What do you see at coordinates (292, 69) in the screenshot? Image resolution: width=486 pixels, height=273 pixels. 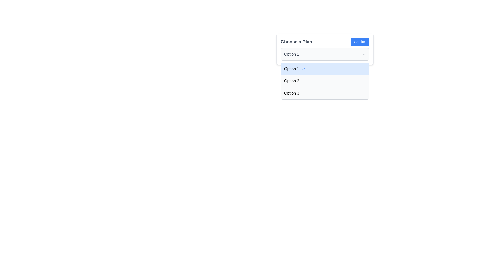 I see `the first option in the 'Choose a Plan' dropdown menu` at bounding box center [292, 69].